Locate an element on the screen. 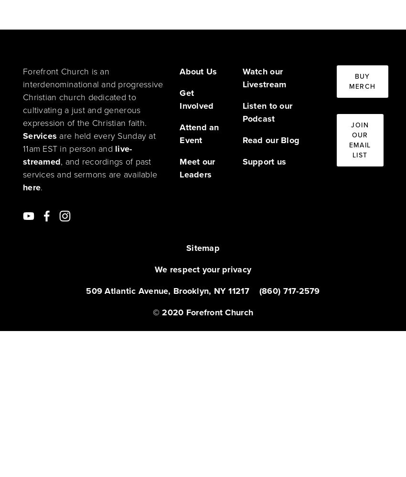 This screenshot has height=477, width=406. 'Meet our Leaders' is located at coordinates (198, 167).